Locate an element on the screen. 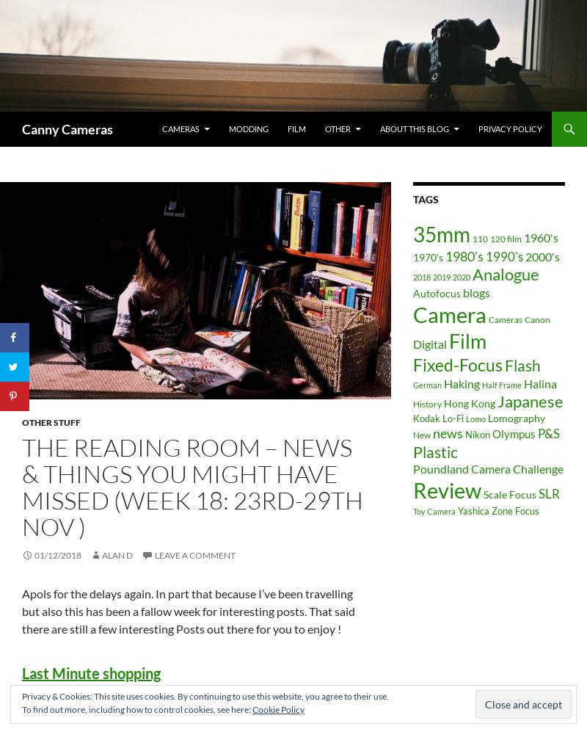  'modding' is located at coordinates (249, 128).